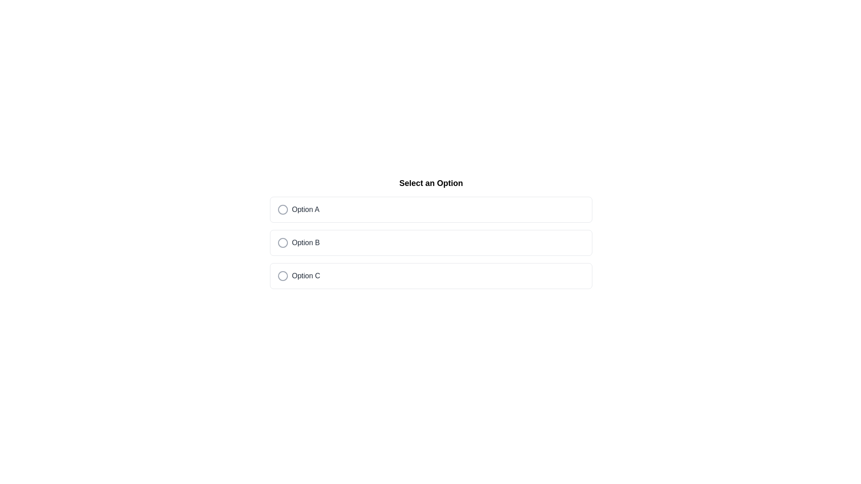 The image size is (861, 484). Describe the element at coordinates (306, 243) in the screenshot. I see `the text label displaying 'Option B', which is styled in dark gray and is part of a selection interface located below the heading 'Select an Option'` at that location.